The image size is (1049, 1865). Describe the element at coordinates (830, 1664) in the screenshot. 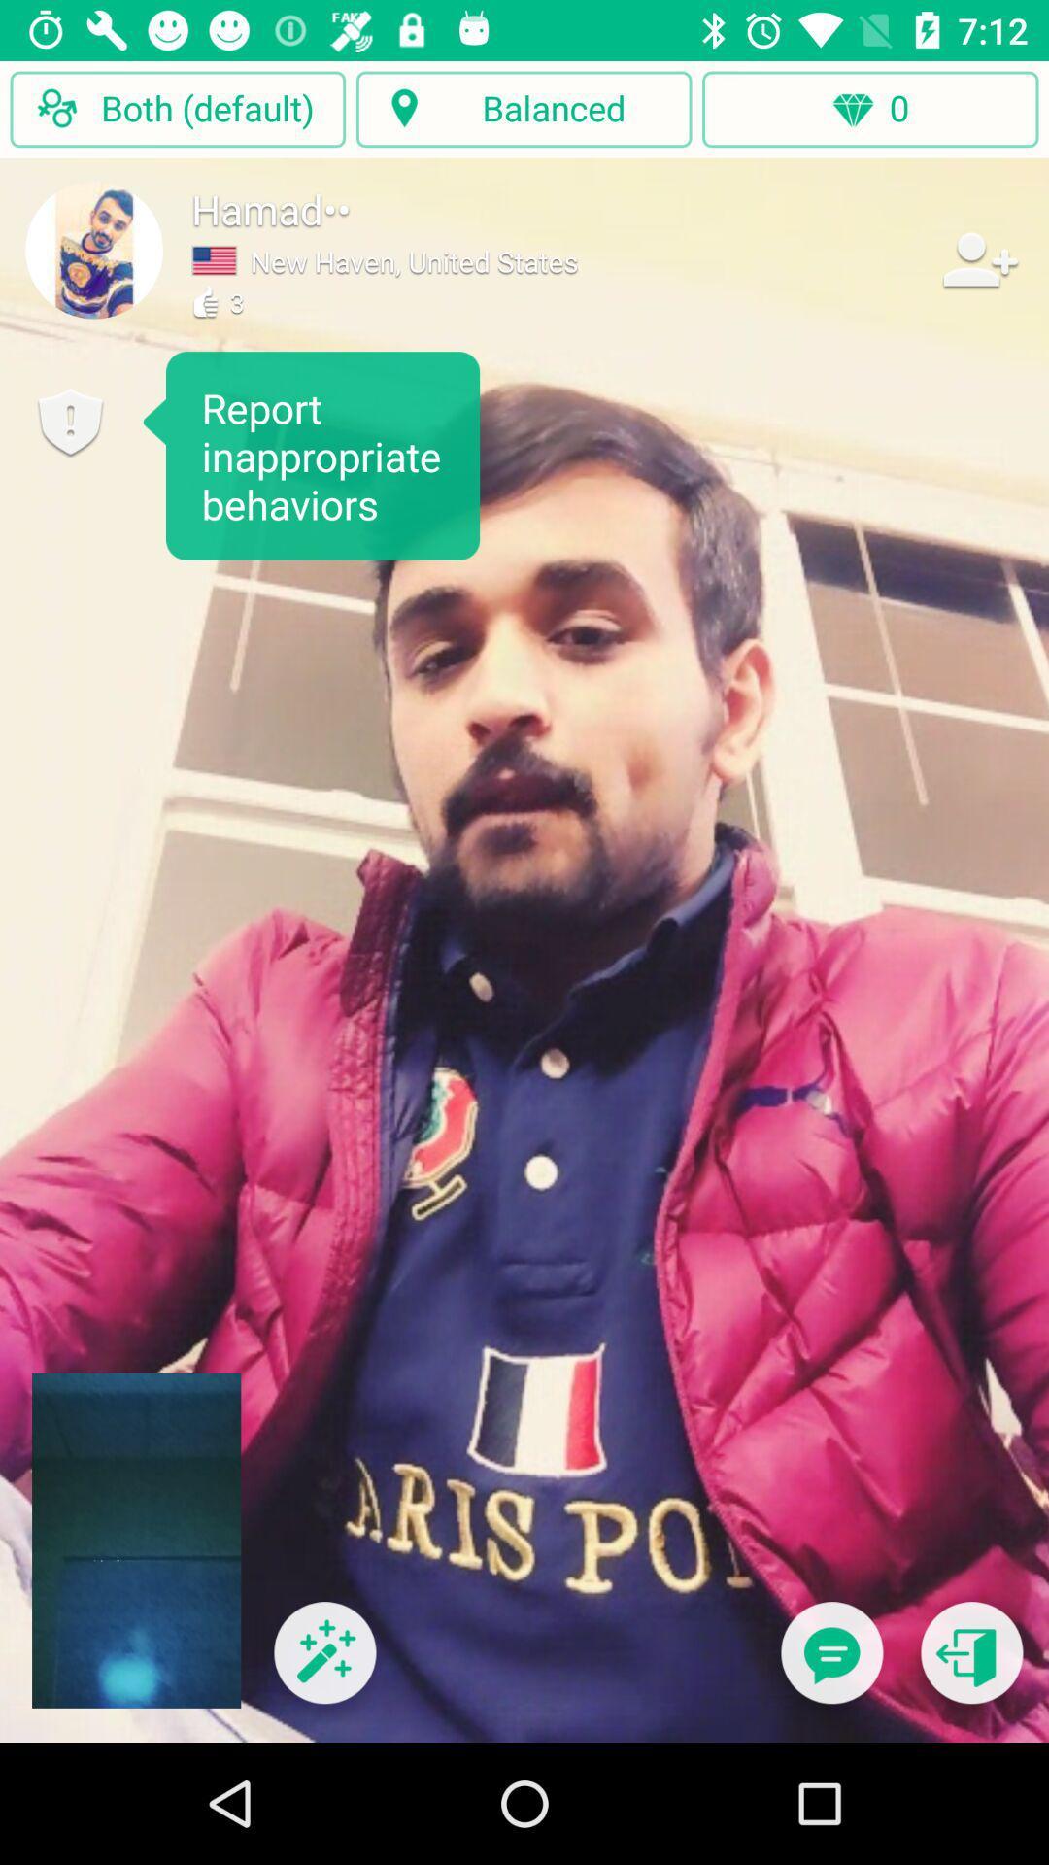

I see `item below 0 item` at that location.